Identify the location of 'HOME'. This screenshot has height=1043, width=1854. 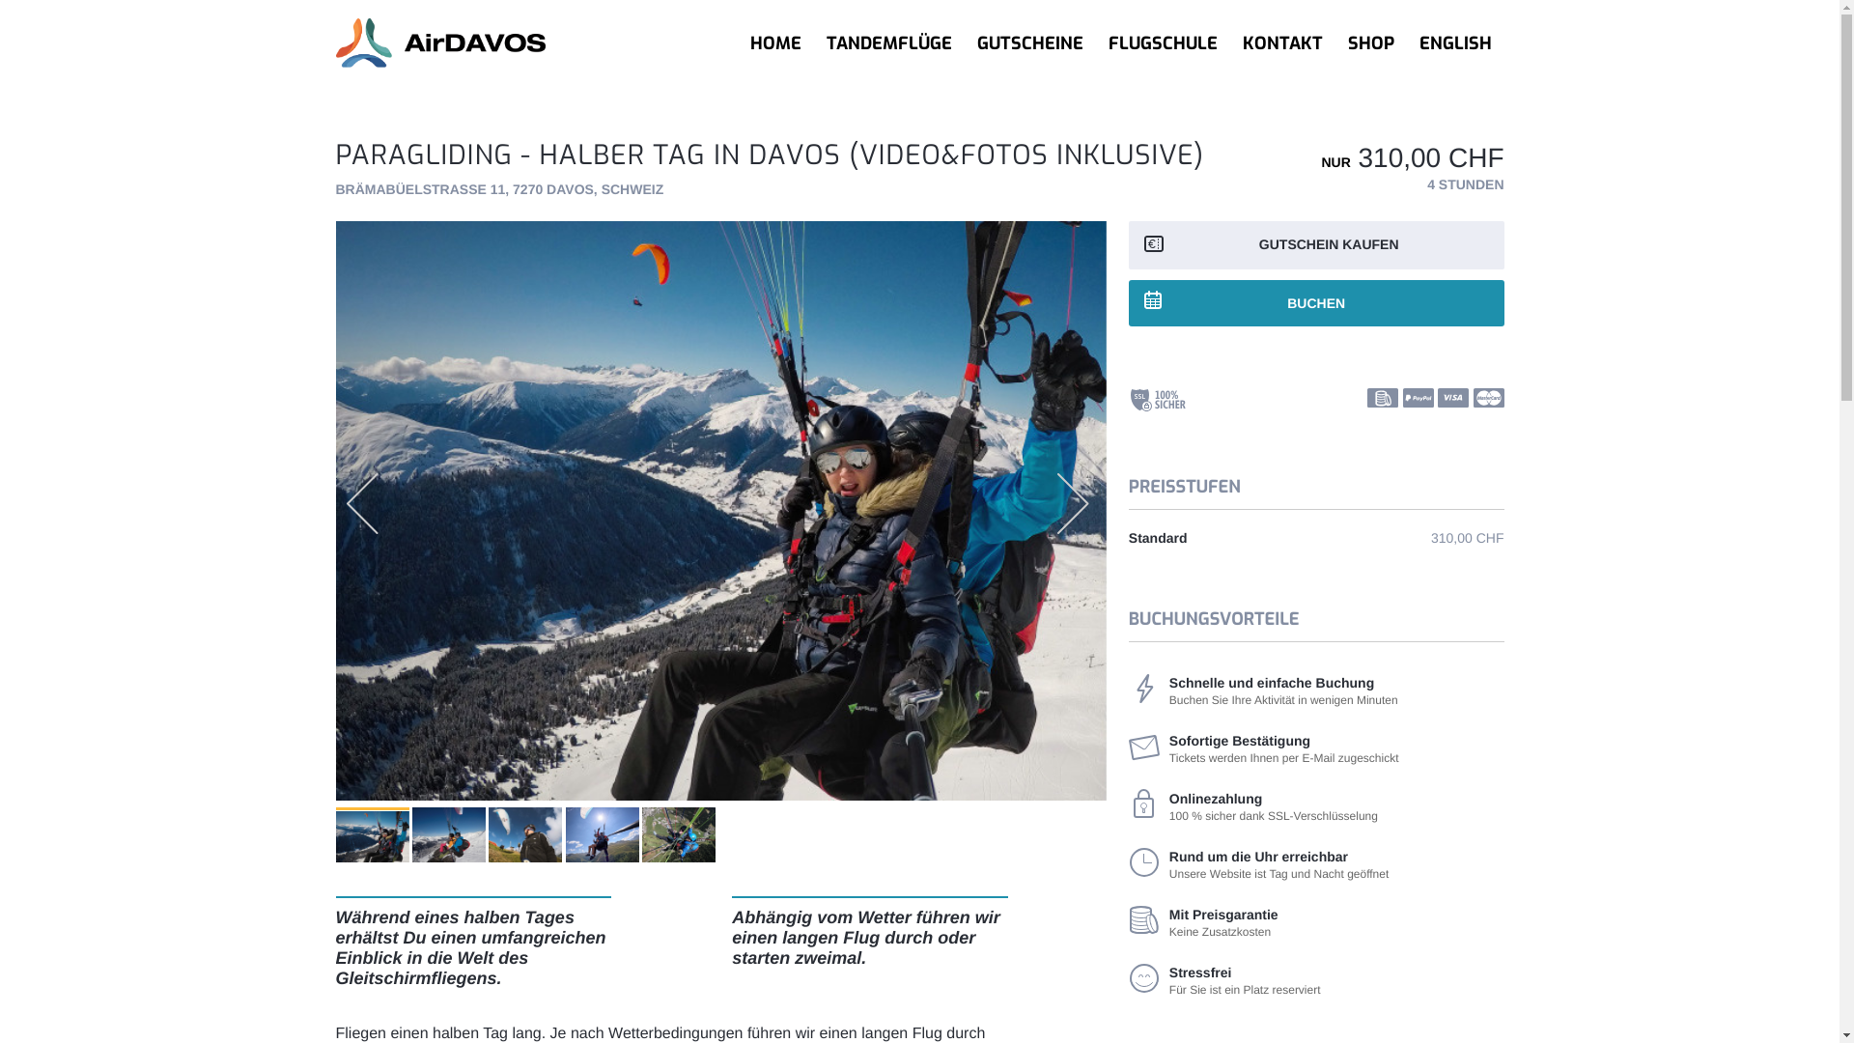
(736, 43).